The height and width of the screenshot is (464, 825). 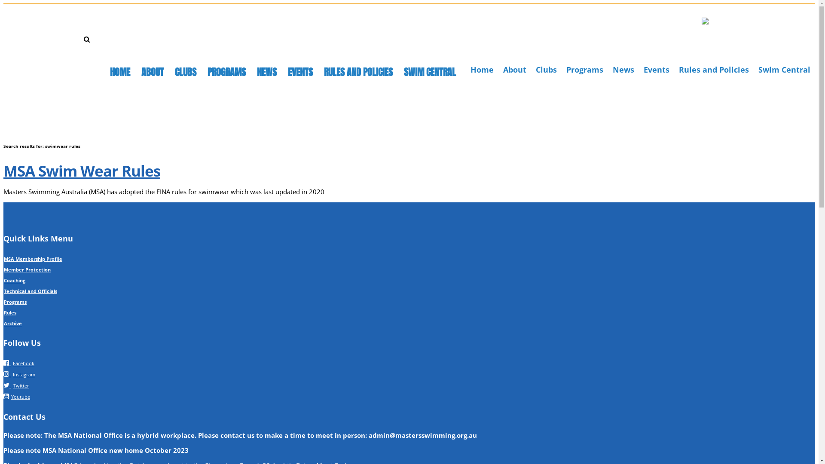 What do you see at coordinates (430, 71) in the screenshot?
I see `'SWIM CENTRAL'` at bounding box center [430, 71].